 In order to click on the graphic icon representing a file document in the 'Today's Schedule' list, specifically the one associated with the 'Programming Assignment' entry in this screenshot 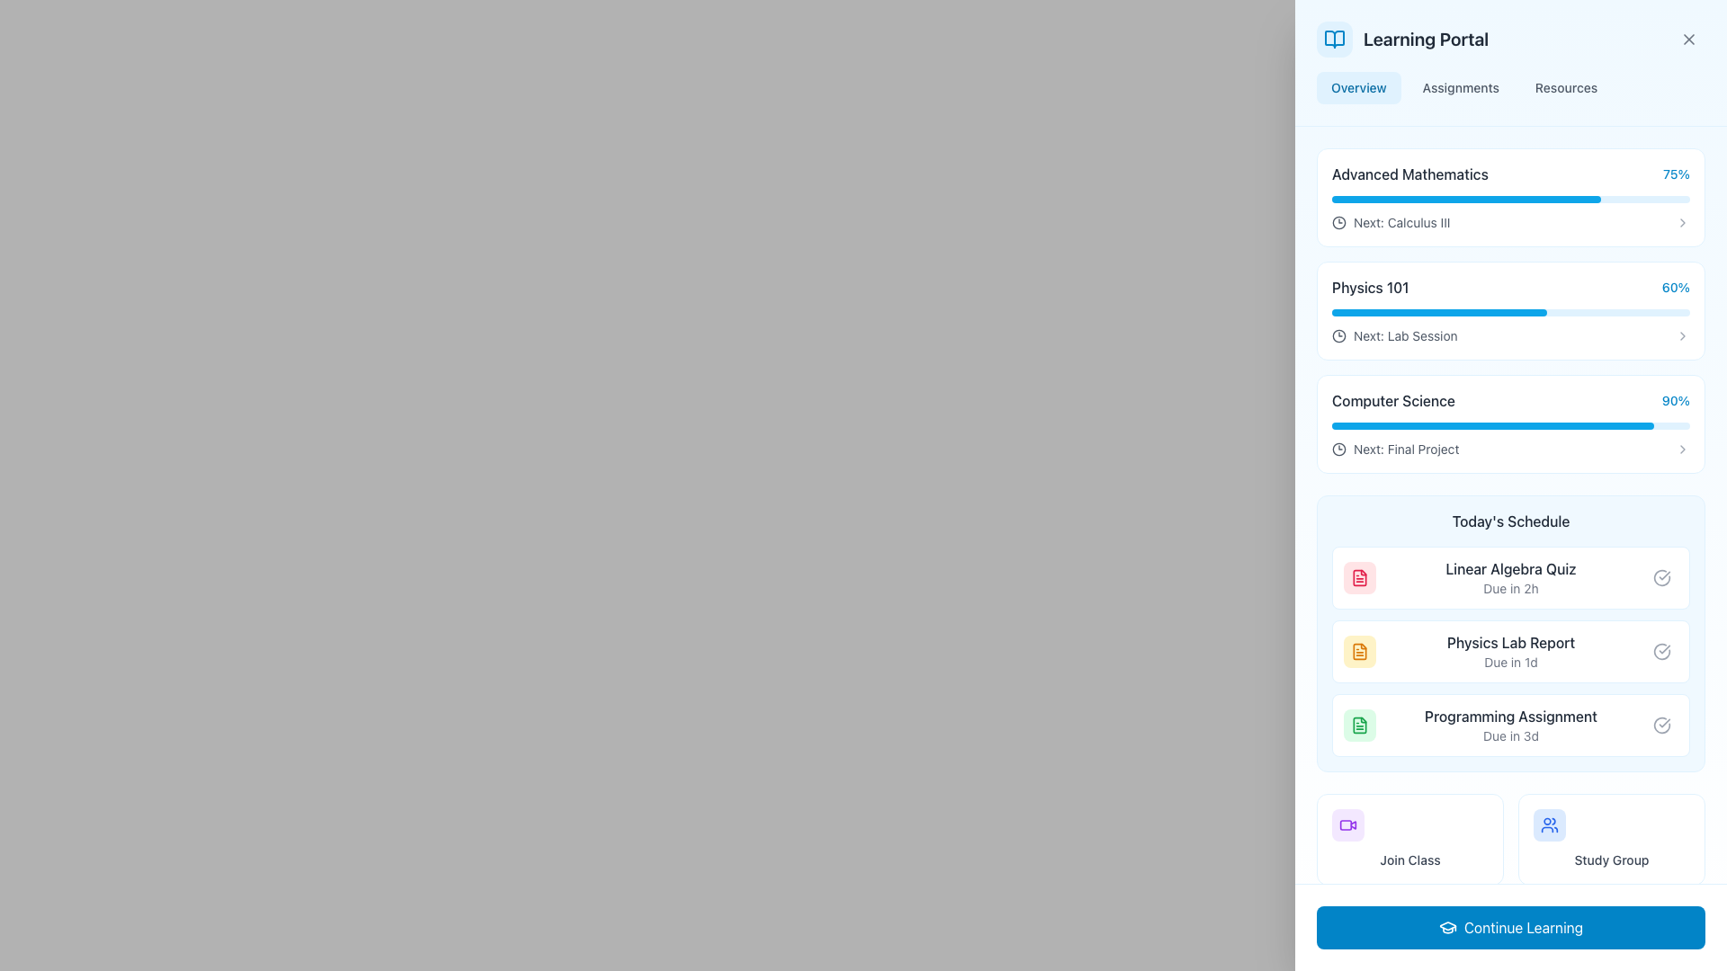, I will do `click(1360, 724)`.